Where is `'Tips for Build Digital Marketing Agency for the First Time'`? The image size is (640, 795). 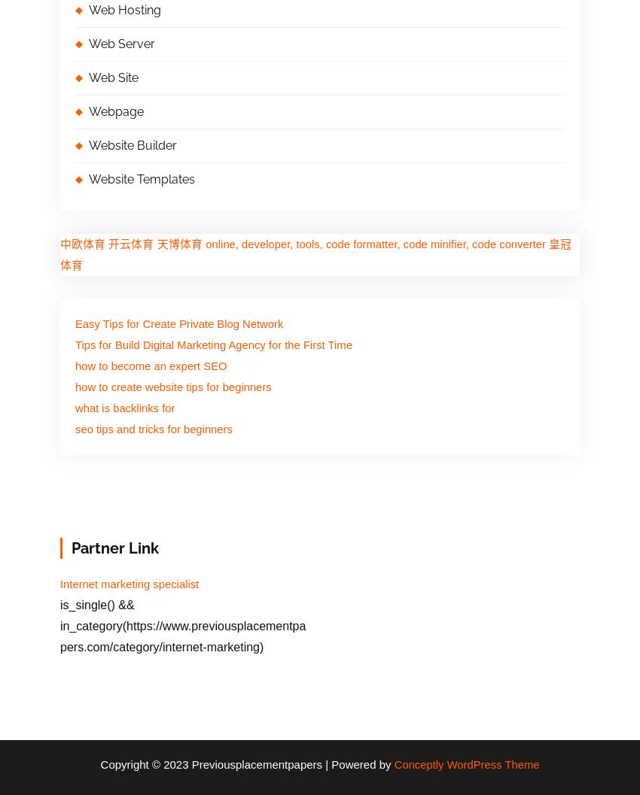 'Tips for Build Digital Marketing Agency for the First Time' is located at coordinates (212, 344).